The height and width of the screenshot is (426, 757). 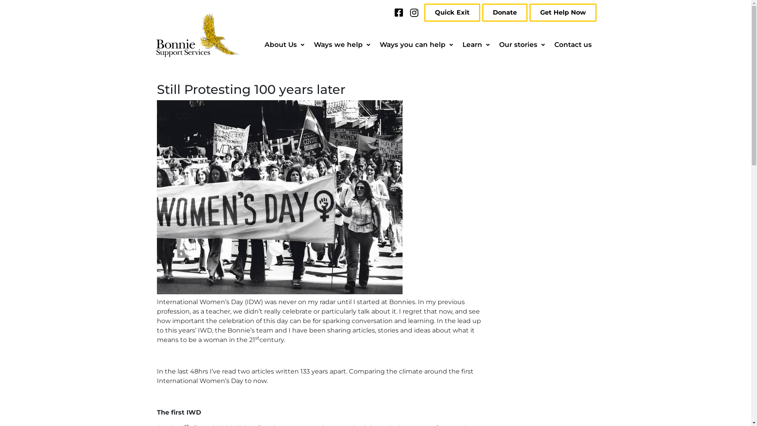 I want to click on 'Our stories', so click(x=522, y=45).